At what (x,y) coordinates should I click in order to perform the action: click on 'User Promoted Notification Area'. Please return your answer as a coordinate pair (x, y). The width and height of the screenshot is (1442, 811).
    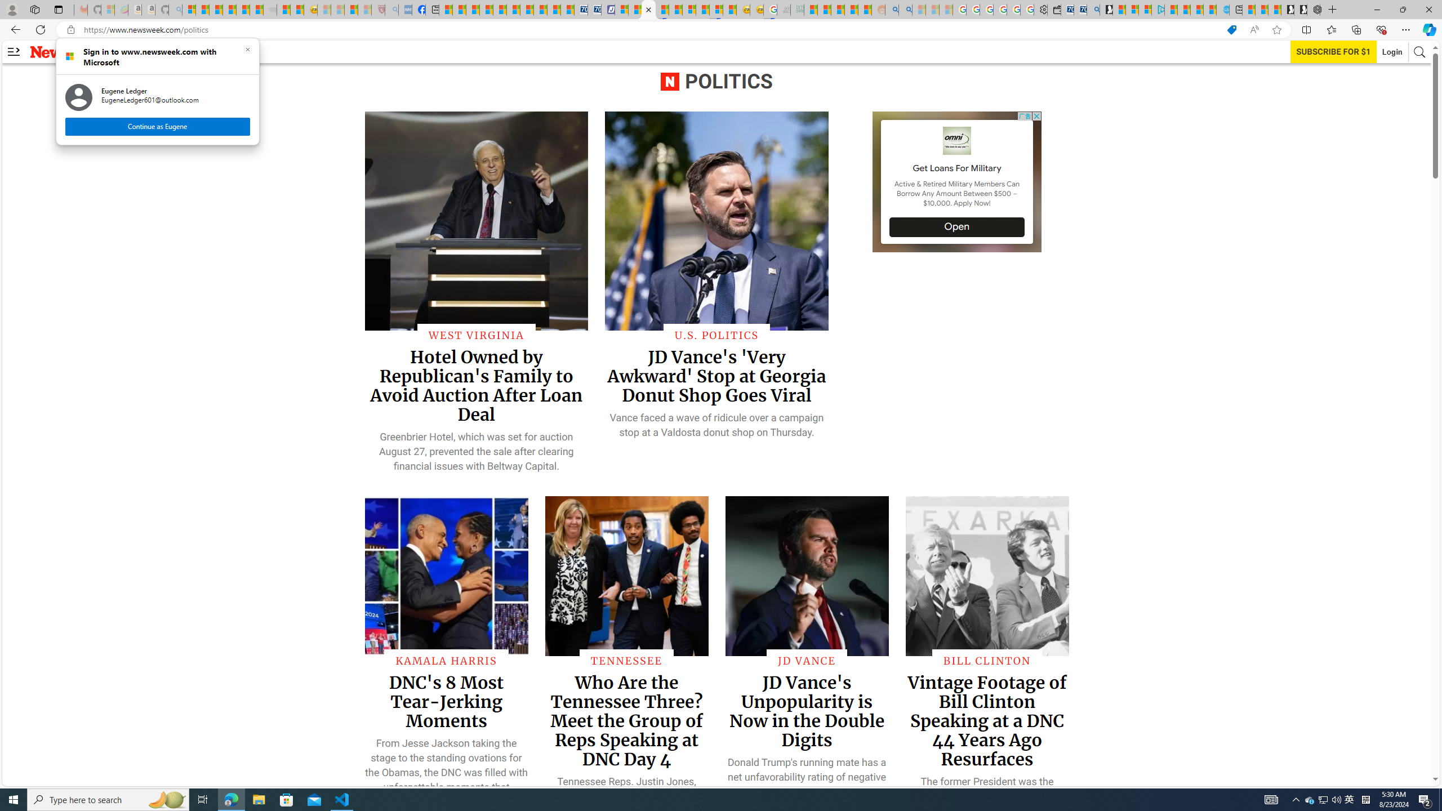
    Looking at the image, I should click on (1323, 799).